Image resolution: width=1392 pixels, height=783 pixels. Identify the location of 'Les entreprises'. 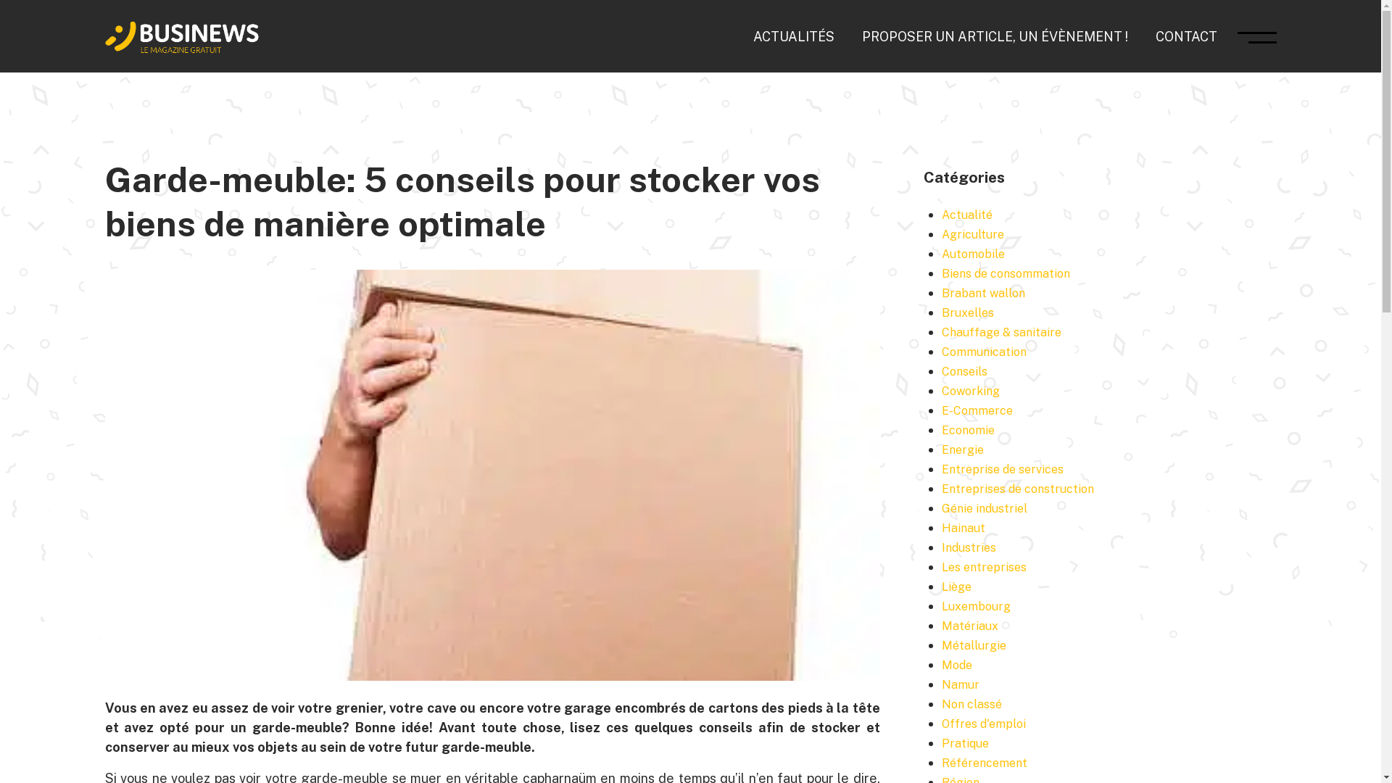
(984, 566).